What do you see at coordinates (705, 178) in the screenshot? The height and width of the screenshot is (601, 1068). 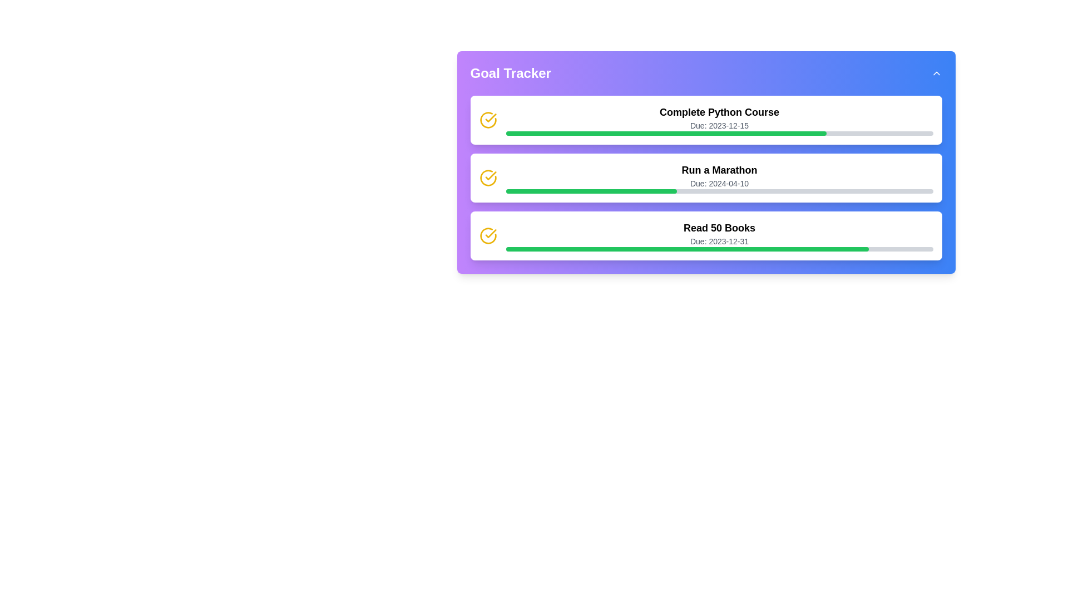 I see `the second section of the 'Goal Tracker' that contains a vertically stacked list of goal cards, each with a title, due date, and progress bar` at bounding box center [705, 178].